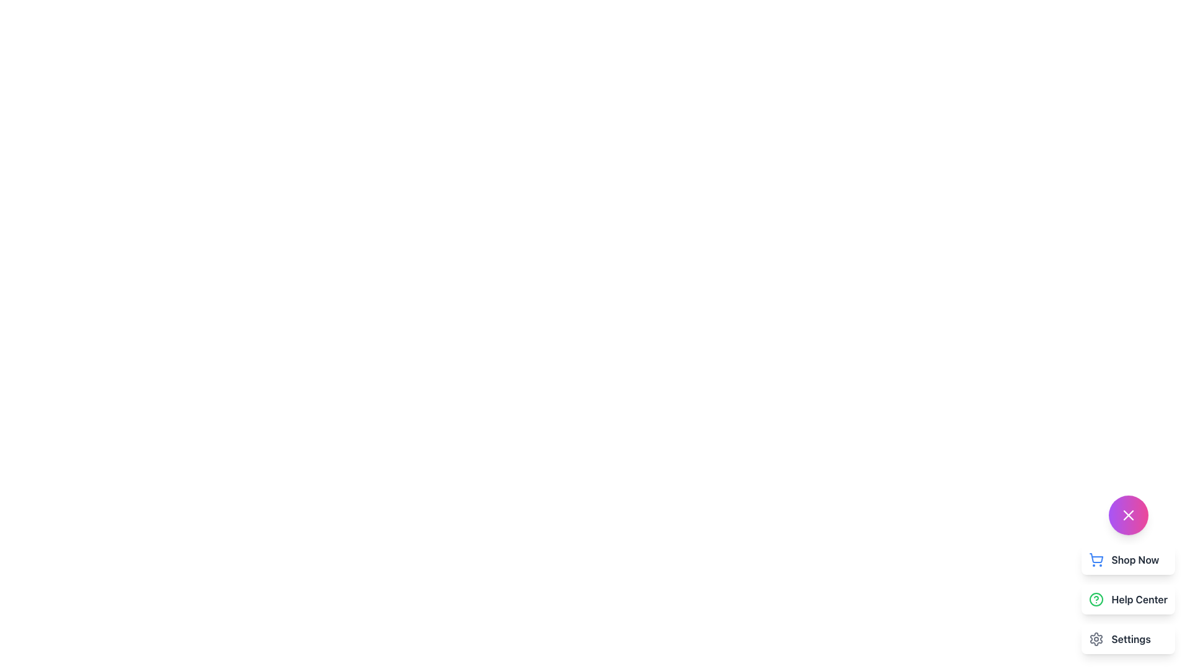  Describe the element at coordinates (1128, 599) in the screenshot. I see `the 'Help Center' button, which is a horizontally laid-out UI component featuring a green circle with a question mark icon and the text 'Help Center'. It is the second item in the vertical list of options in the right-hand floating panel` at that location.